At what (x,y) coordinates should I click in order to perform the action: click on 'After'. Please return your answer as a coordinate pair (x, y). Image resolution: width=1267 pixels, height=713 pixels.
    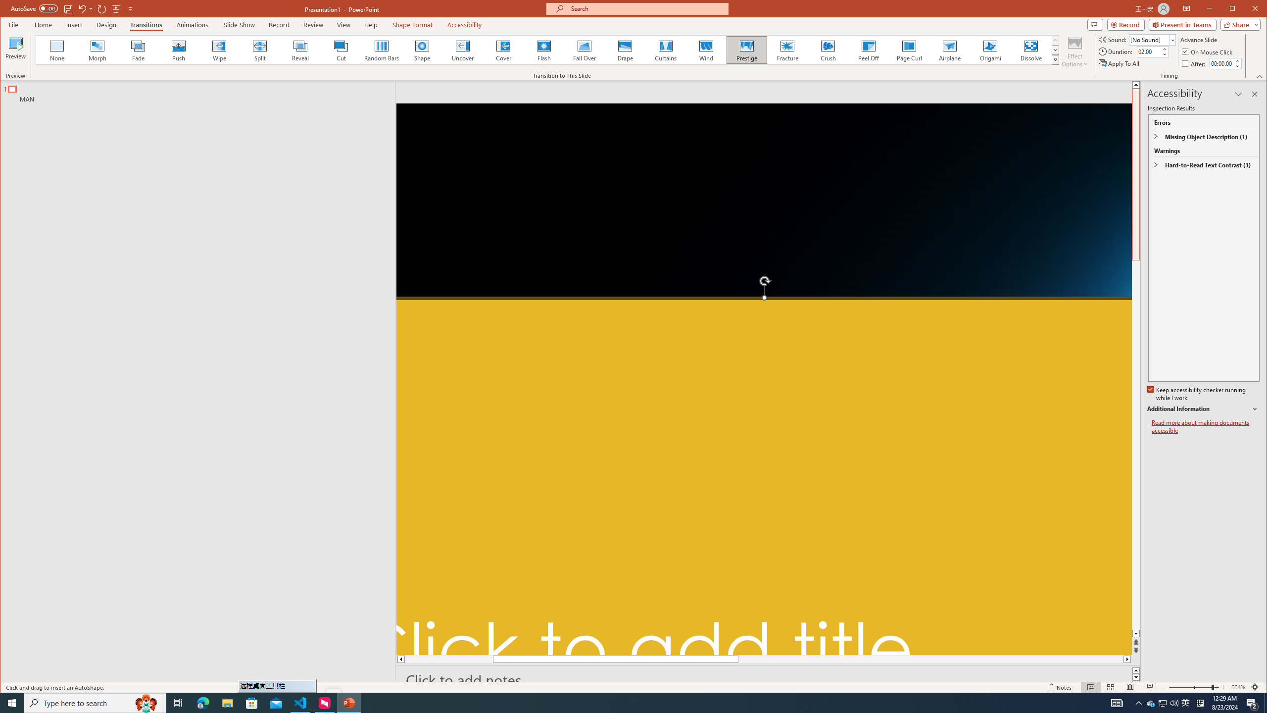
    Looking at the image, I should click on (1194, 63).